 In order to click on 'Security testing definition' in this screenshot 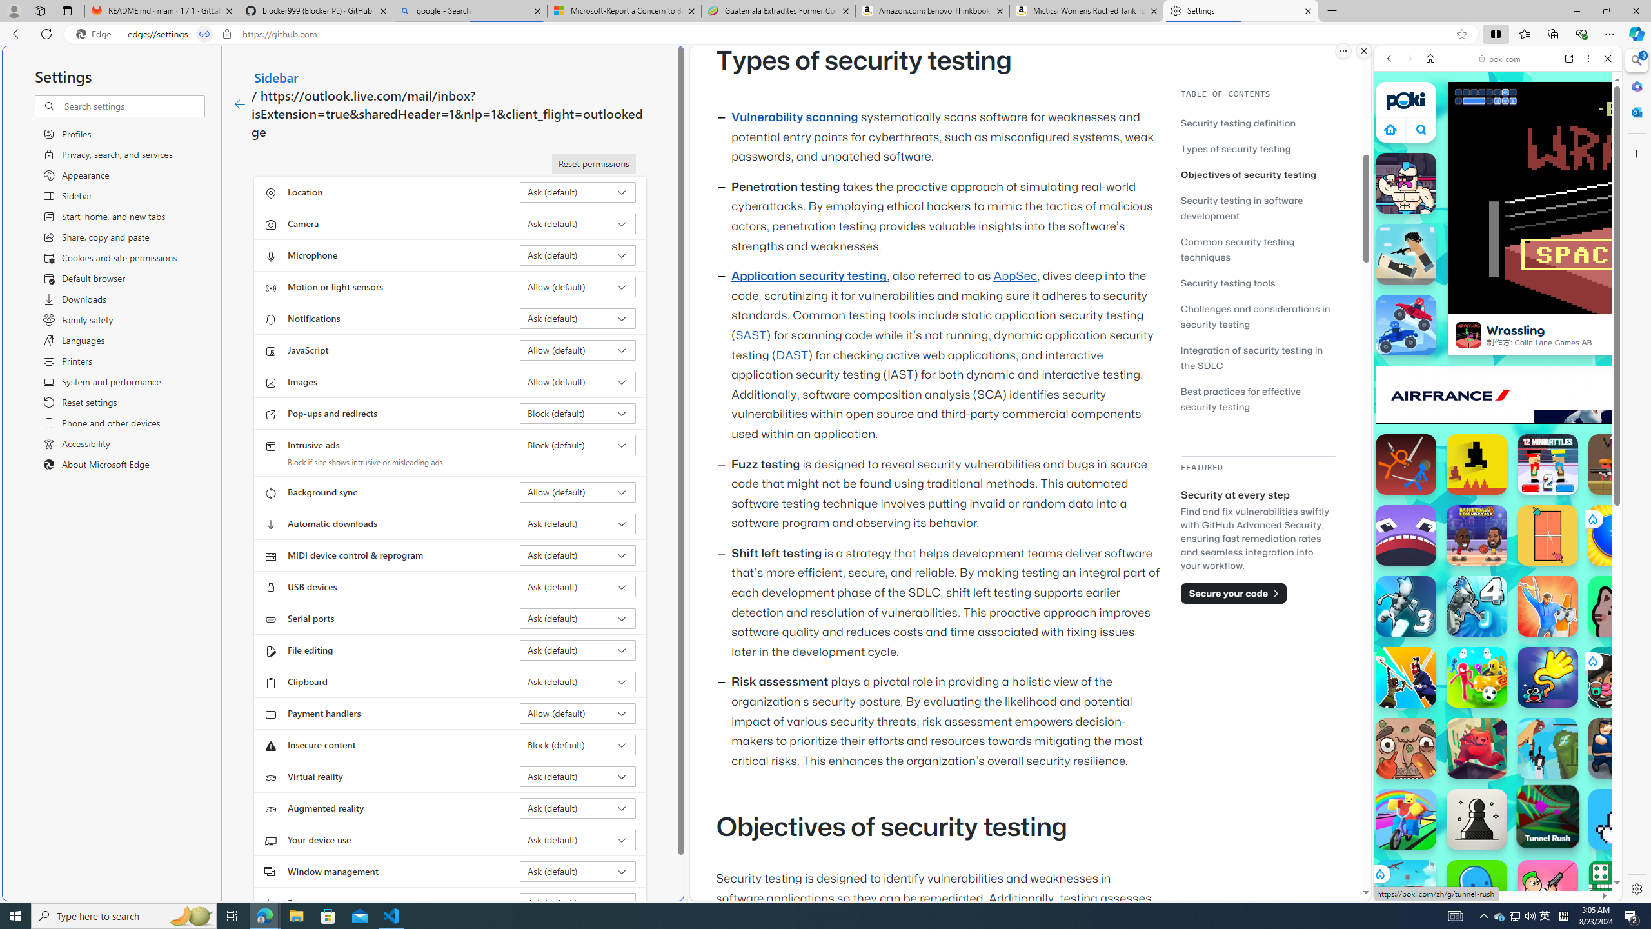, I will do `click(1238, 122)`.